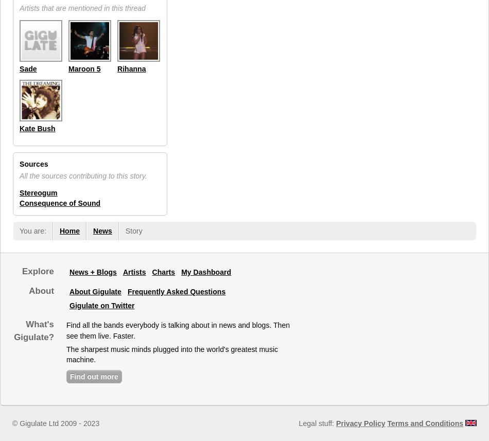 Image resolution: width=489 pixels, height=441 pixels. Describe the element at coordinates (84, 68) in the screenshot. I see `'Maroon 5'` at that location.